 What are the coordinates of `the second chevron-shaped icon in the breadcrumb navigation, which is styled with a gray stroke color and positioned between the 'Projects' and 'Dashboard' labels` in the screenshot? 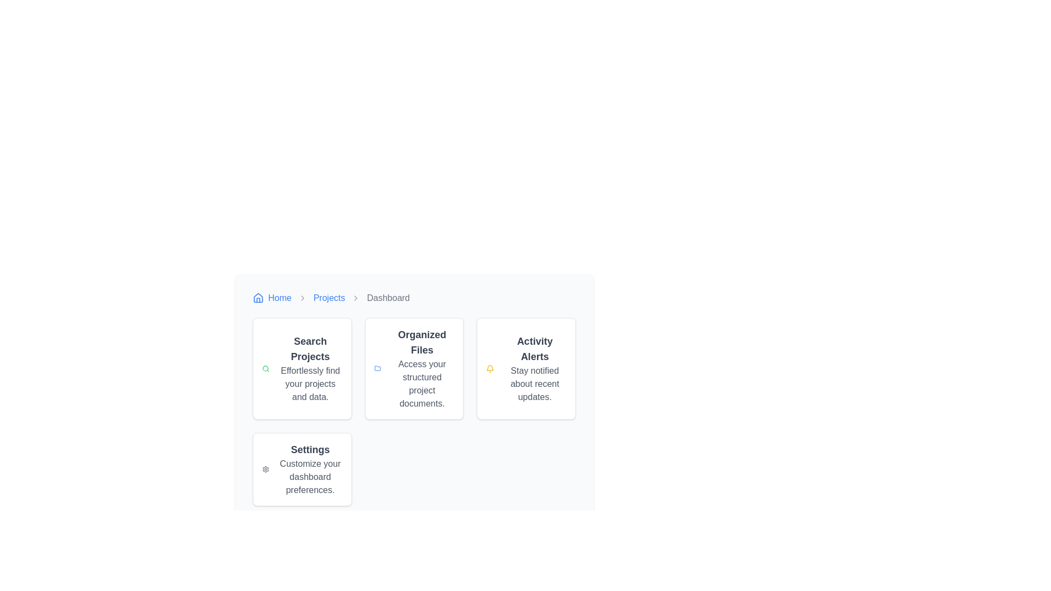 It's located at (356, 298).